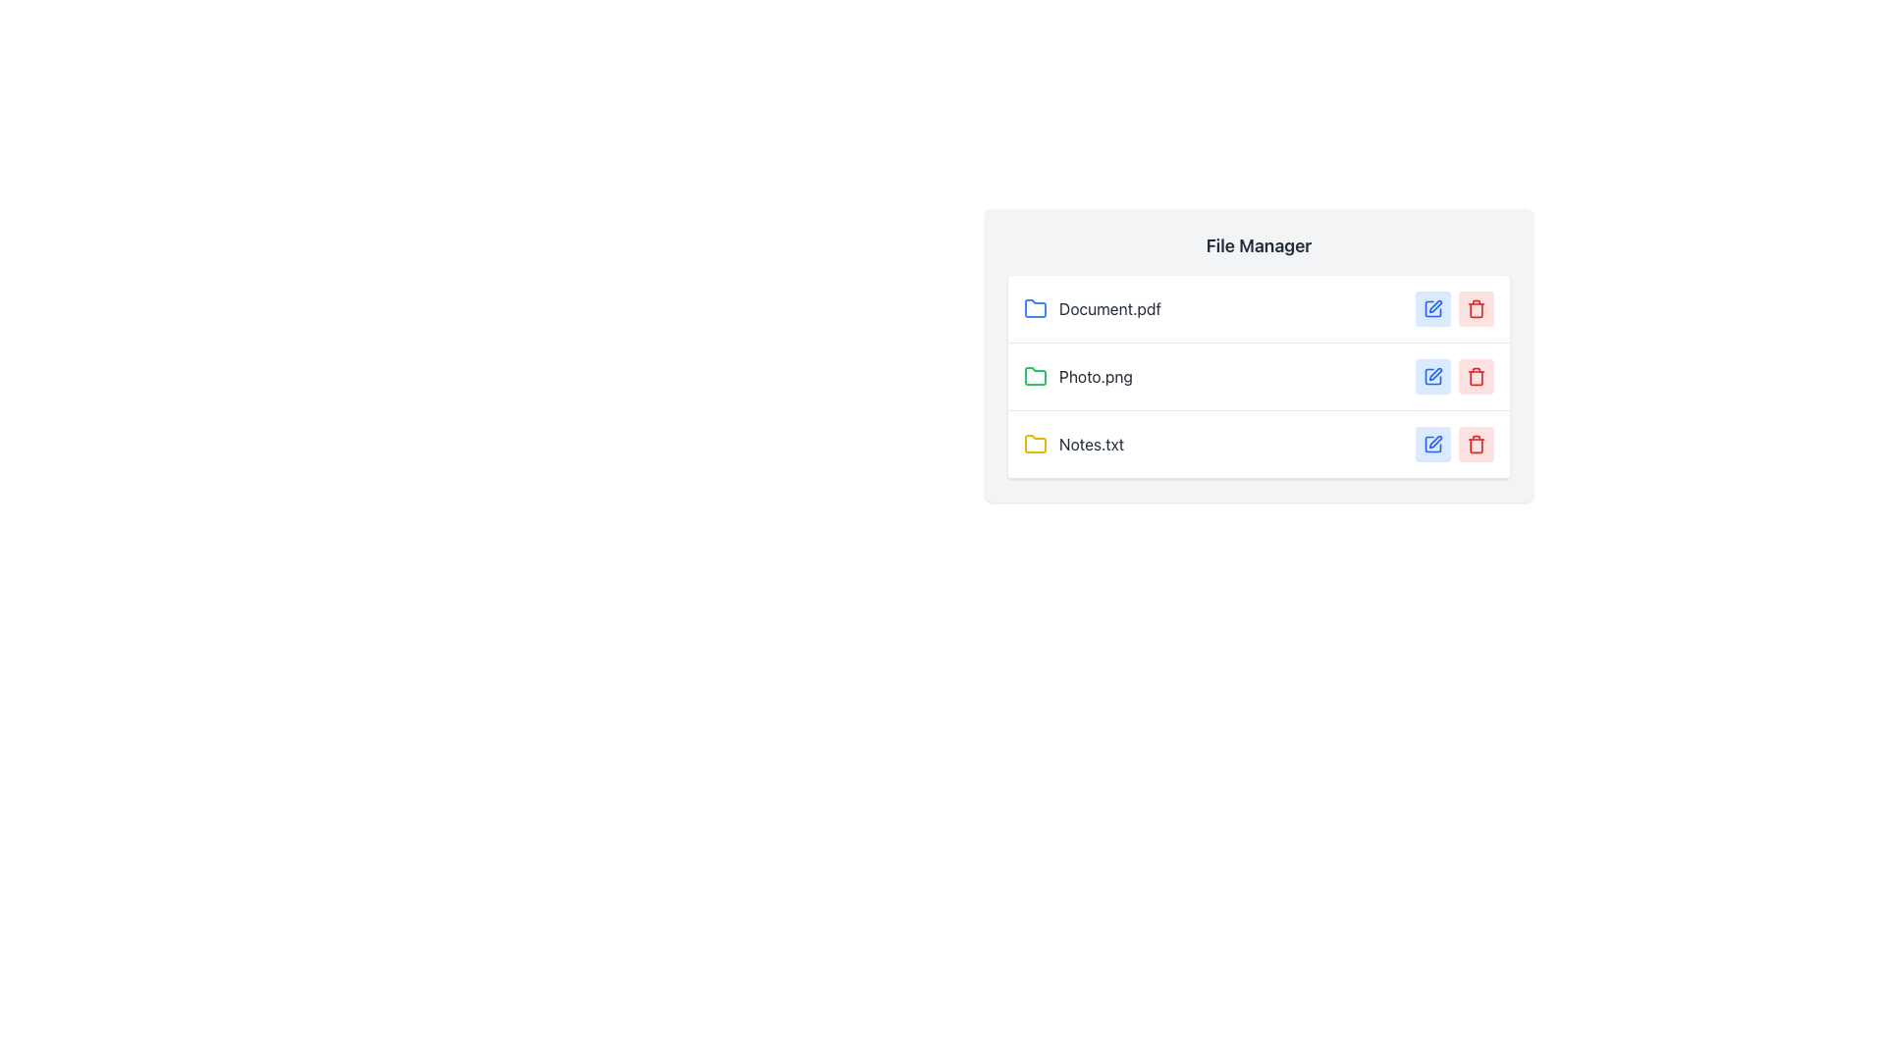 This screenshot has height=1060, width=1885. Describe the element at coordinates (1435, 374) in the screenshot. I see `the edit icon, which resembles a pen inside a square and is located to the right of 'Photo.png' in the interface` at that location.